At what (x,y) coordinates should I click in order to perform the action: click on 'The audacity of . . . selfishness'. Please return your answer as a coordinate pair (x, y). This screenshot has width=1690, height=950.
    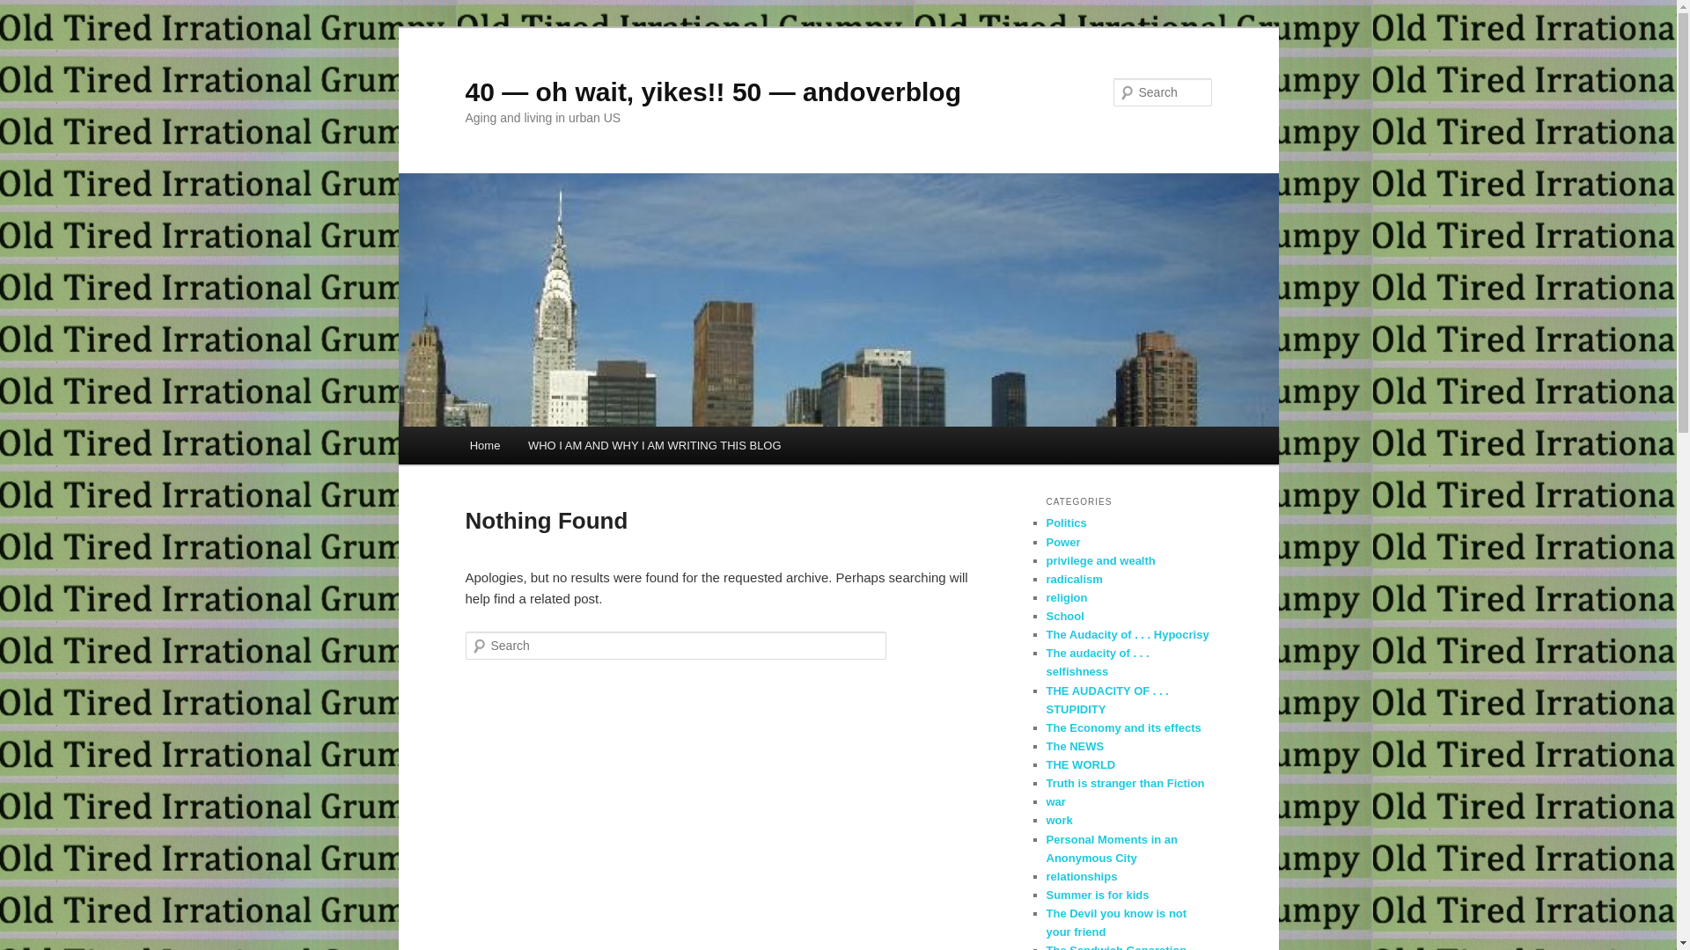
    Looking at the image, I should click on (1096, 661).